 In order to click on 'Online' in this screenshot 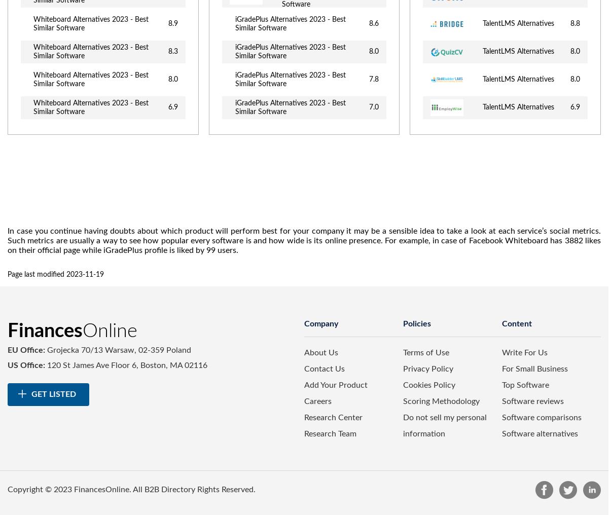, I will do `click(110, 330)`.